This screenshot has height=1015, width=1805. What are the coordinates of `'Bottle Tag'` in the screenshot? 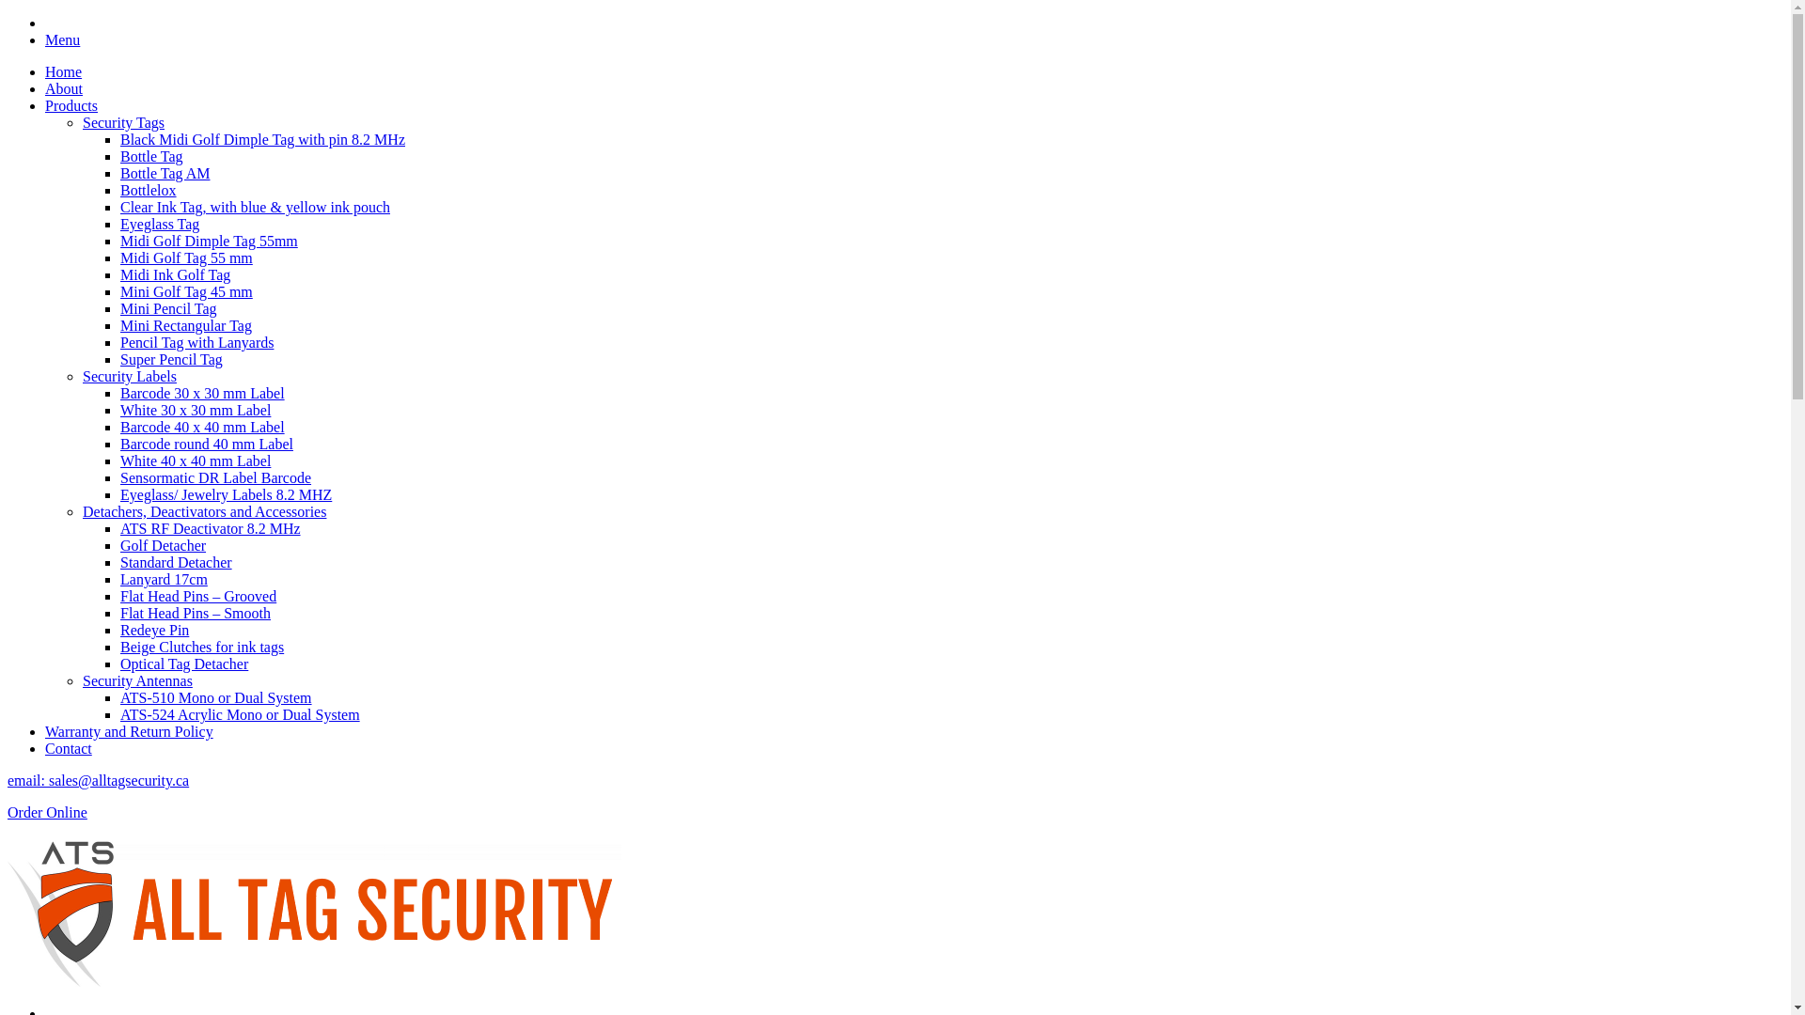 It's located at (151, 155).